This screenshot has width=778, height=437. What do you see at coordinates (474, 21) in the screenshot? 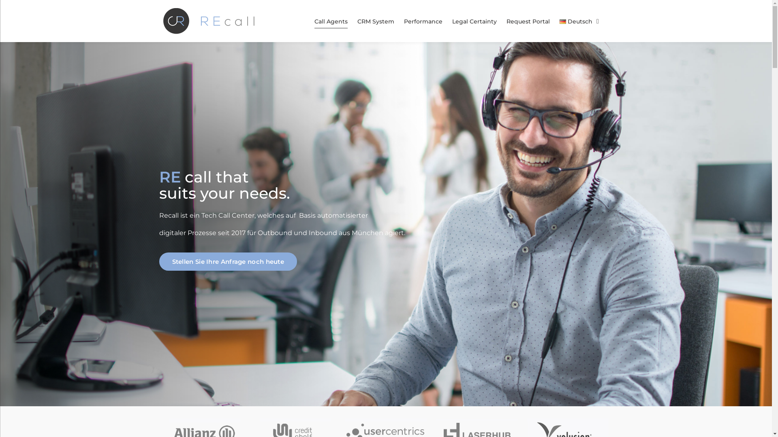
I see `'Legal Certainty'` at bounding box center [474, 21].